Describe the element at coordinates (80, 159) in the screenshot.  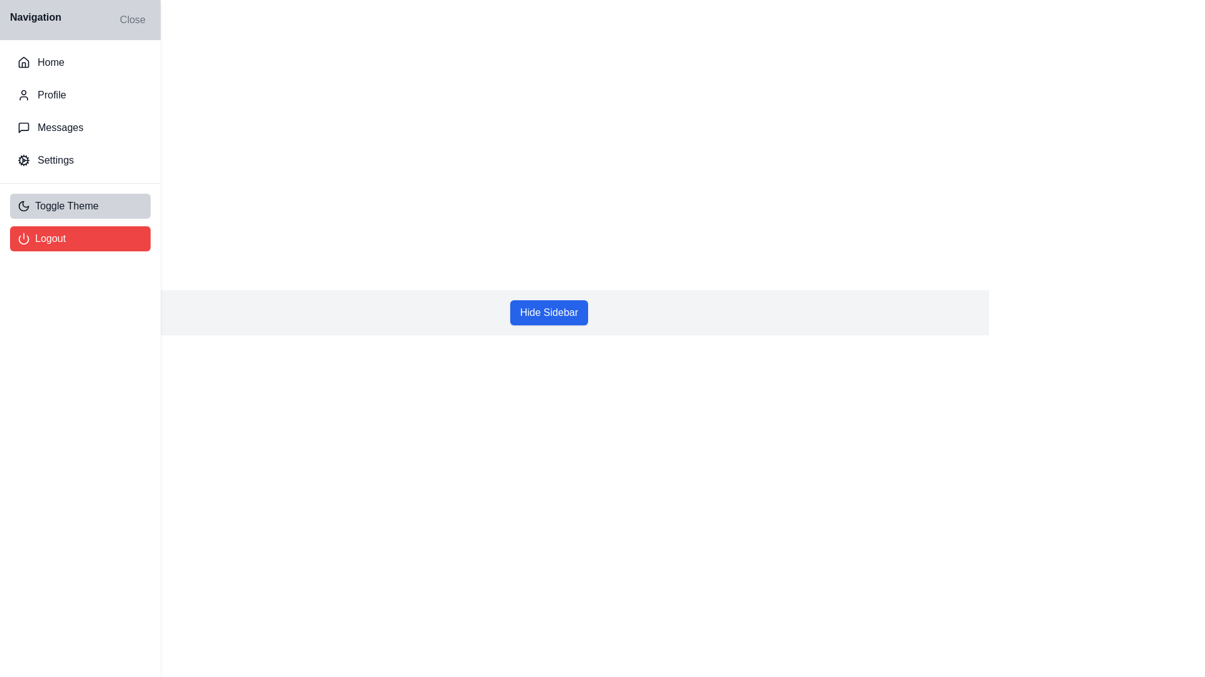
I see `the settings button in the vertical navigation sidebar, located below the 'Messages' item and above 'Toggle Theme'` at that location.